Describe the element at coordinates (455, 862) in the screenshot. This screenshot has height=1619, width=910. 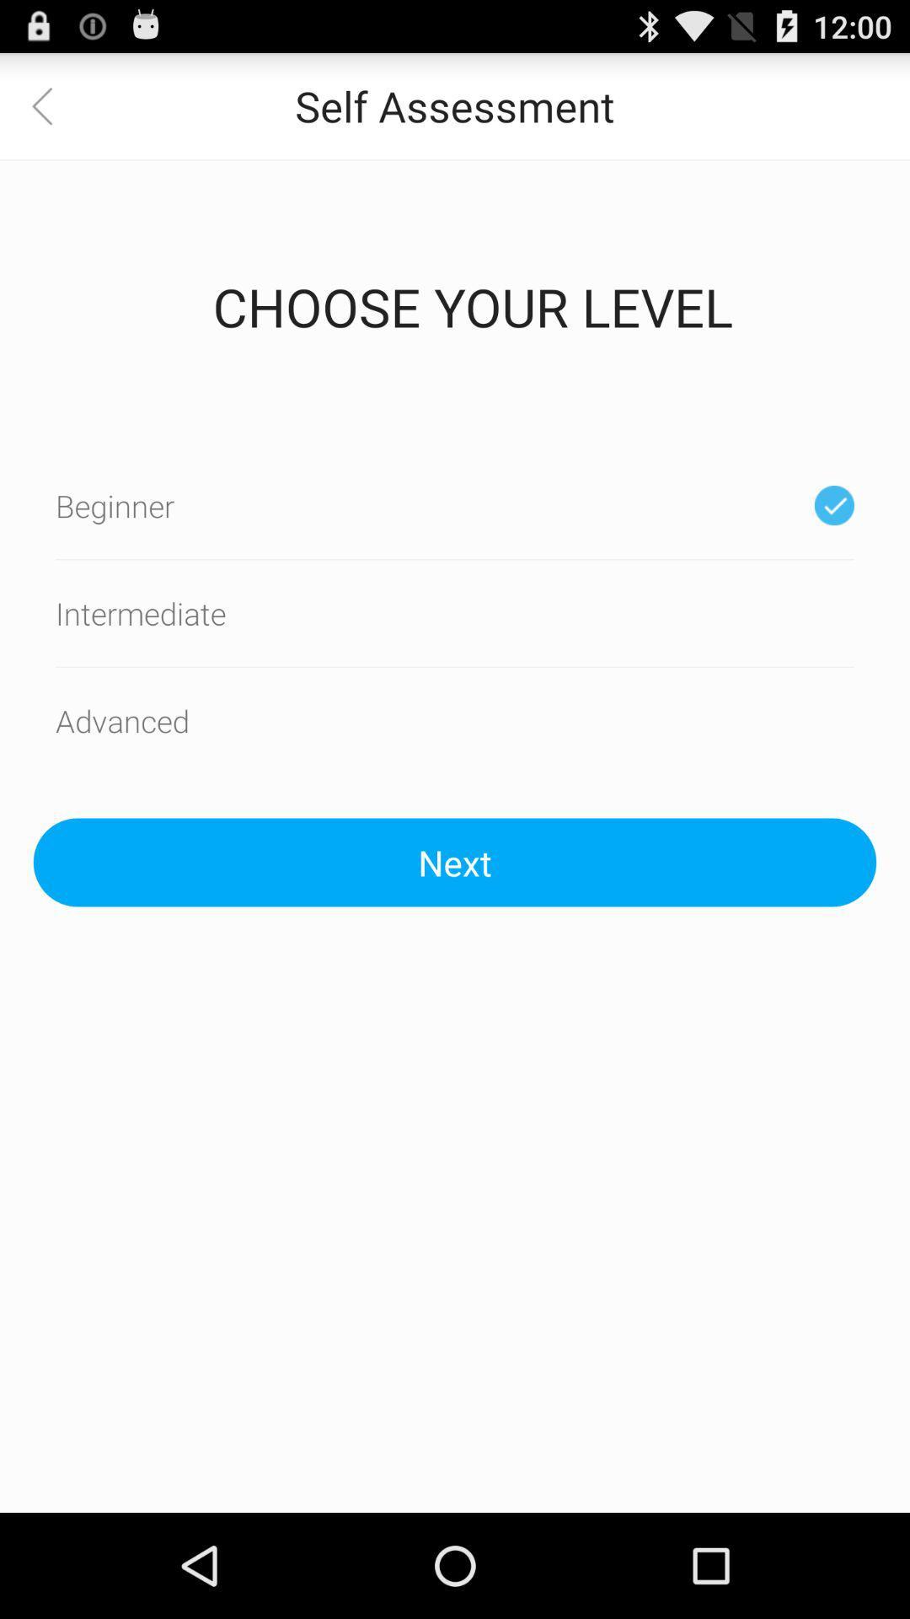
I see `item below advanced item` at that location.